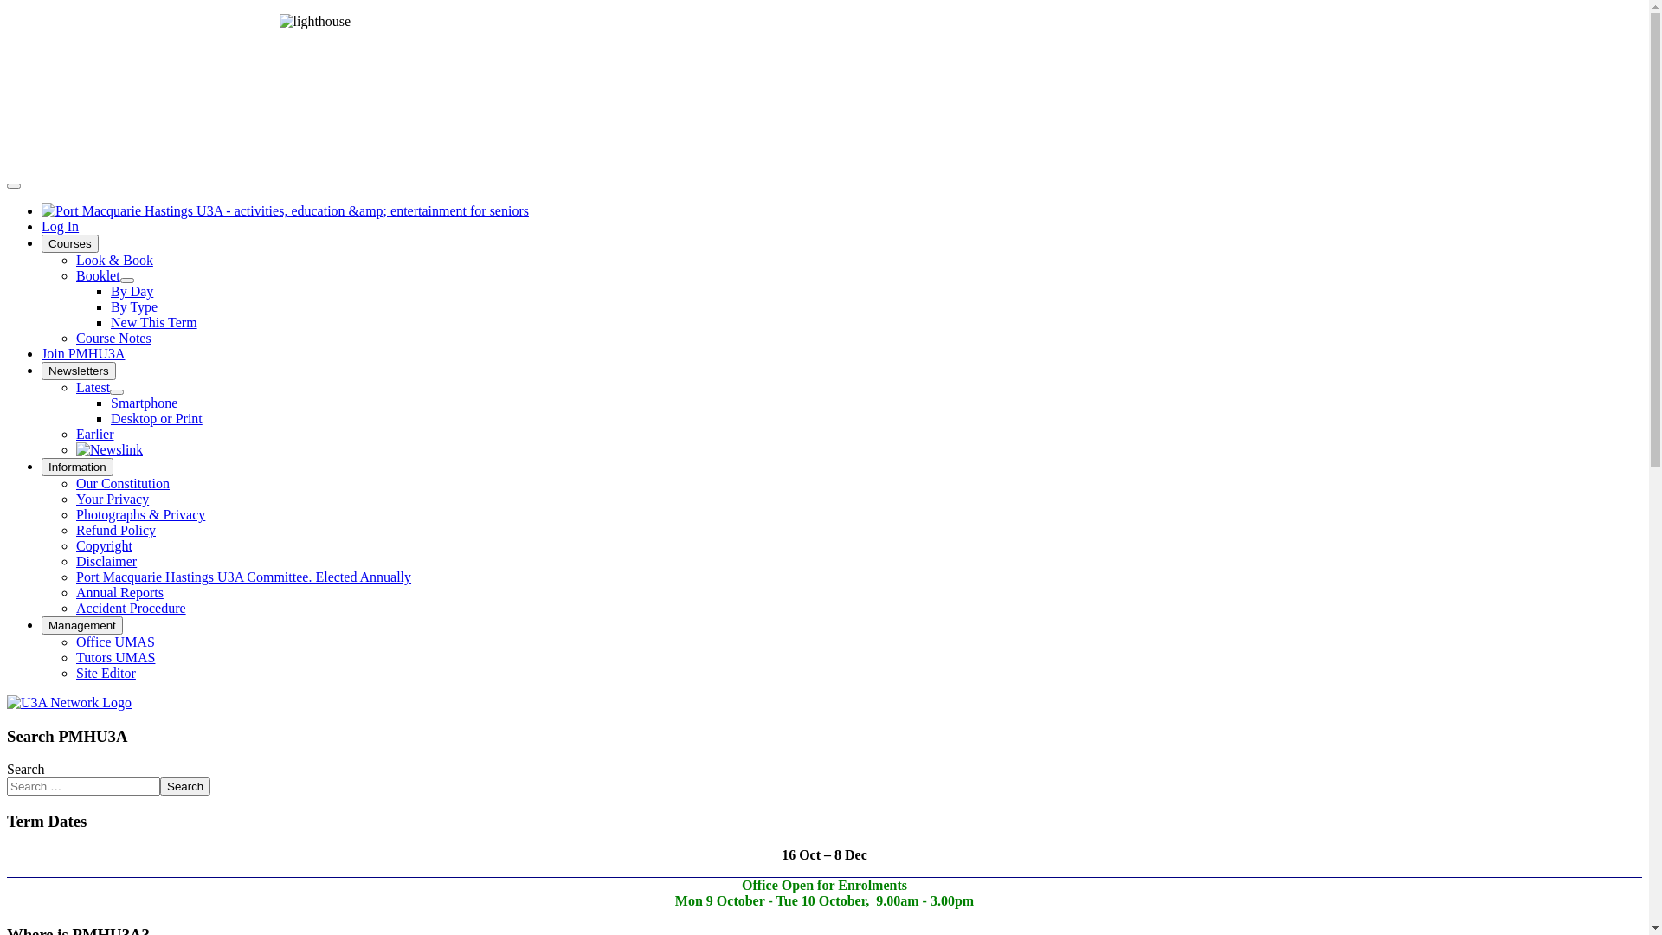  I want to click on 'Our Constitution', so click(122, 483).